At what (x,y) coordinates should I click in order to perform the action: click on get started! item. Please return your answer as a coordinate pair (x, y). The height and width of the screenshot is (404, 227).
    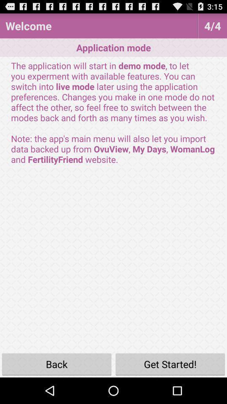
    Looking at the image, I should click on (170, 364).